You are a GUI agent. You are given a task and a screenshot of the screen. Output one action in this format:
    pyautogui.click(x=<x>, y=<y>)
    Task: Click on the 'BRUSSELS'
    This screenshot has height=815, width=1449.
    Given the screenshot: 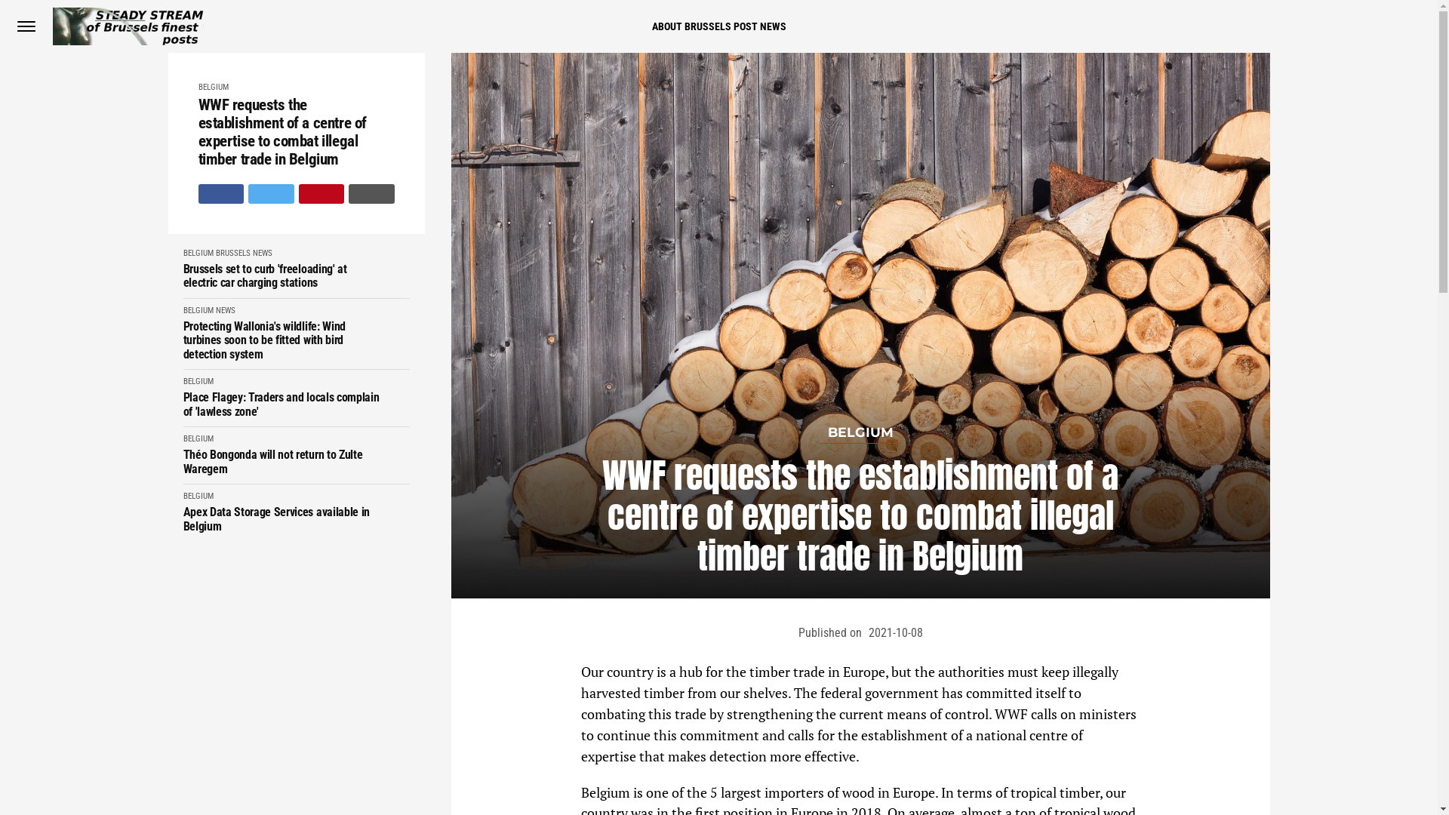 What is the action you would take?
    pyautogui.click(x=215, y=252)
    